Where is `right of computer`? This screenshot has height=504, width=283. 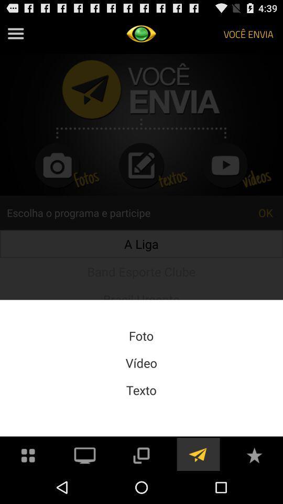
right of computer is located at coordinates (141, 454).